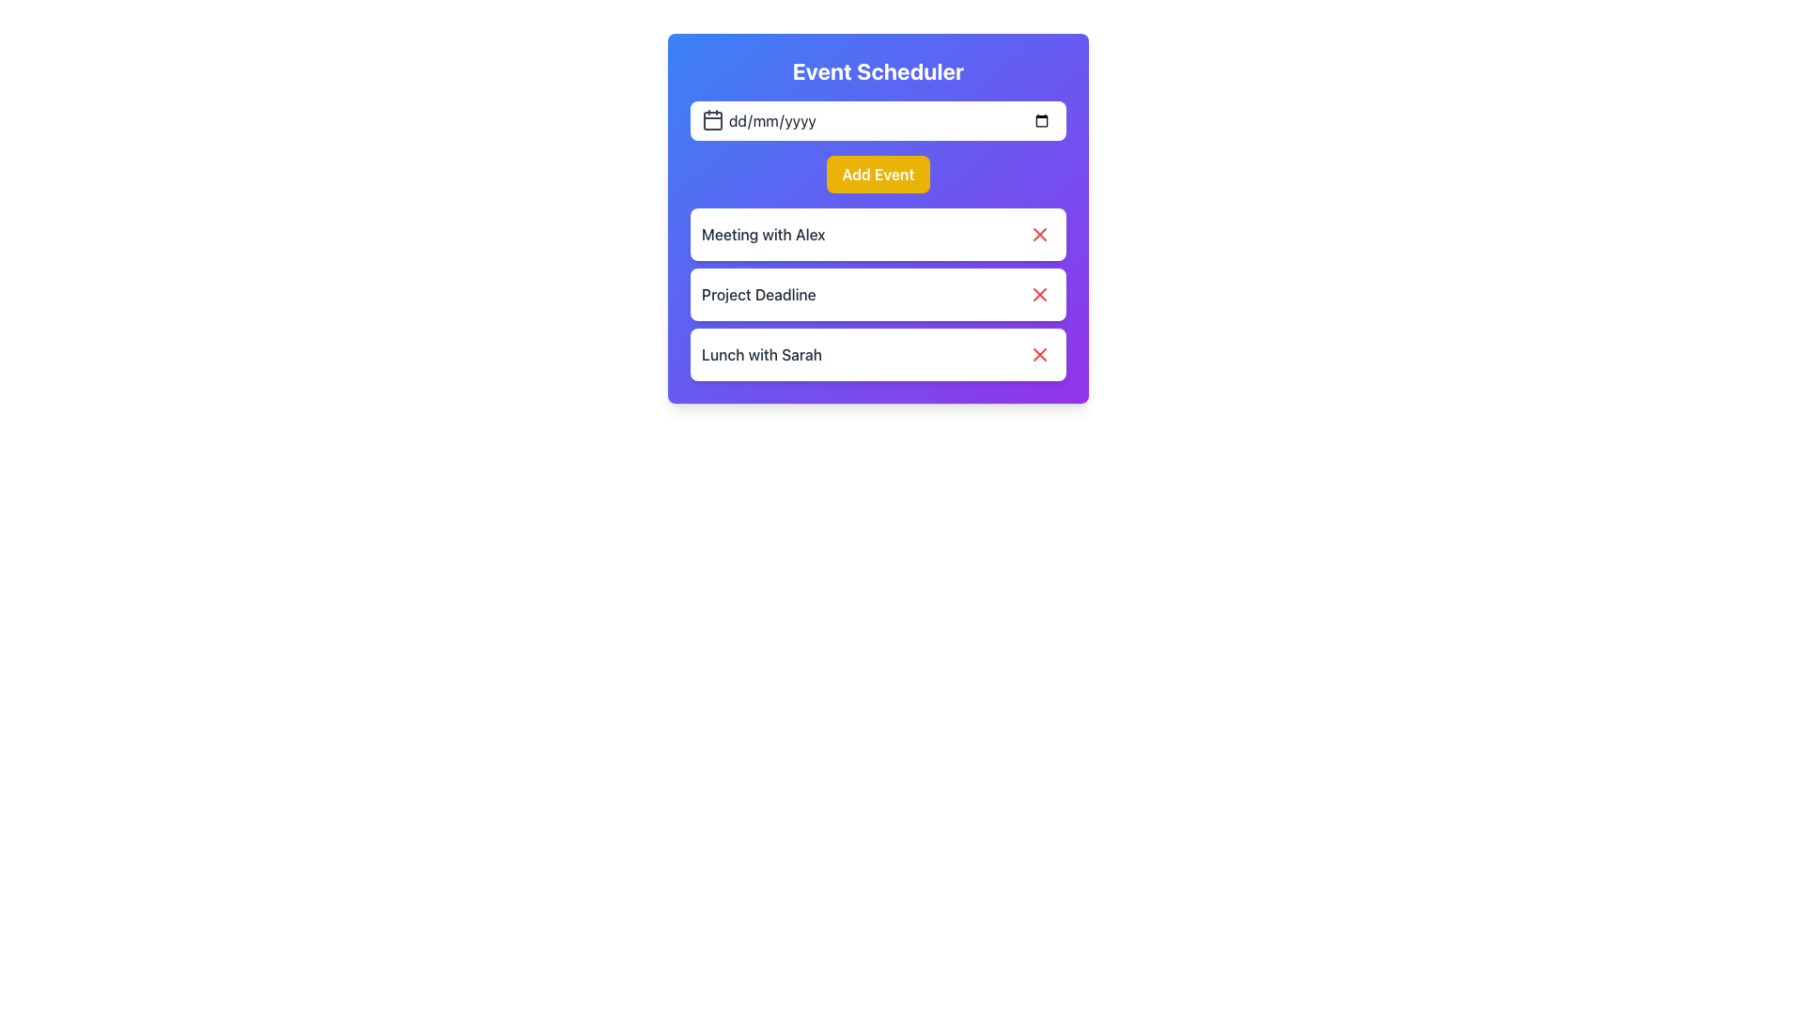 This screenshot has width=1804, height=1014. I want to click on the calendar icon, which is a dark gray box-shaped element with a top bar and two vertical lines, located to the left of the date input field near the top center of the scheduler component, so click(711, 119).